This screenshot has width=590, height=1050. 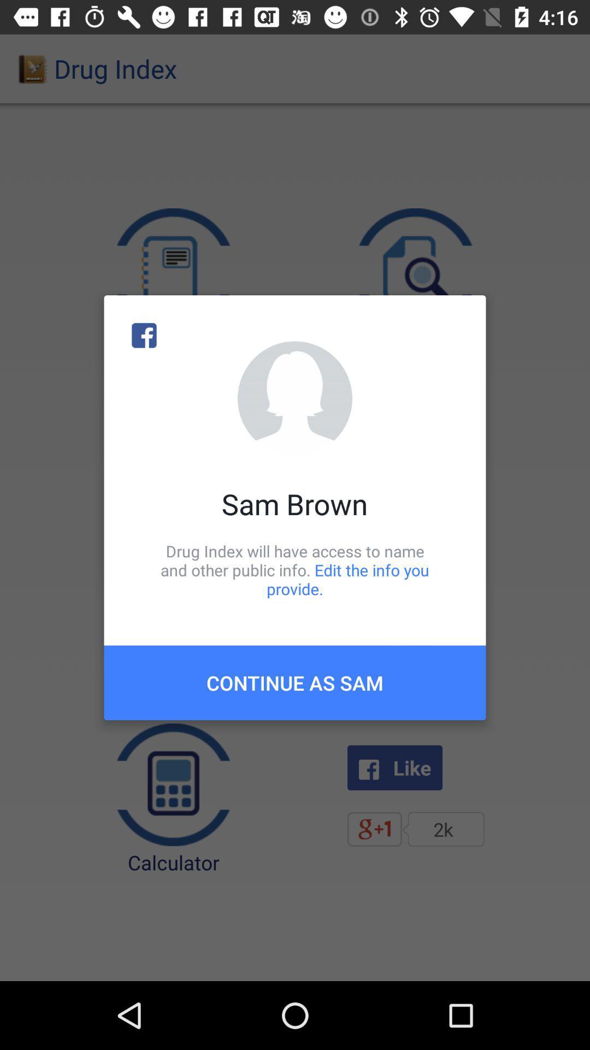 I want to click on icon below sam brown icon, so click(x=295, y=569).